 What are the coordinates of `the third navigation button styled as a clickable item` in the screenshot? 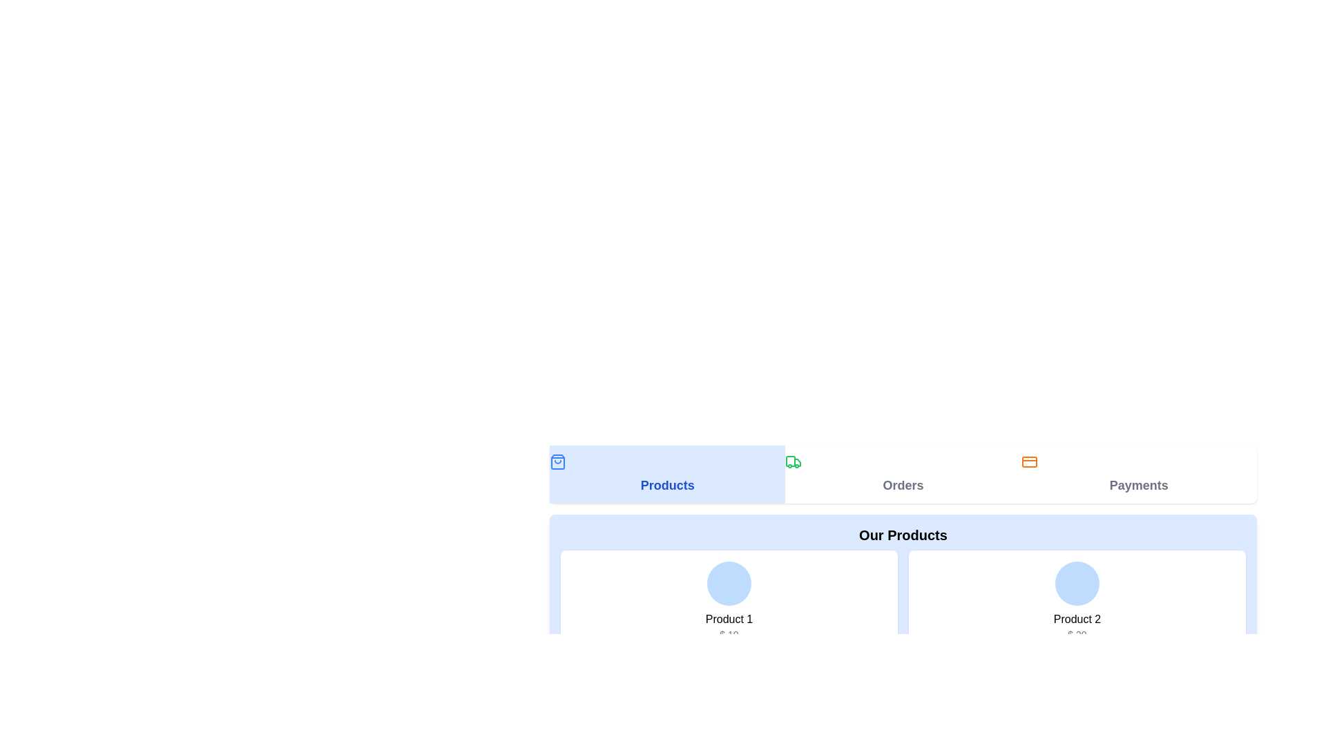 It's located at (1139, 473).